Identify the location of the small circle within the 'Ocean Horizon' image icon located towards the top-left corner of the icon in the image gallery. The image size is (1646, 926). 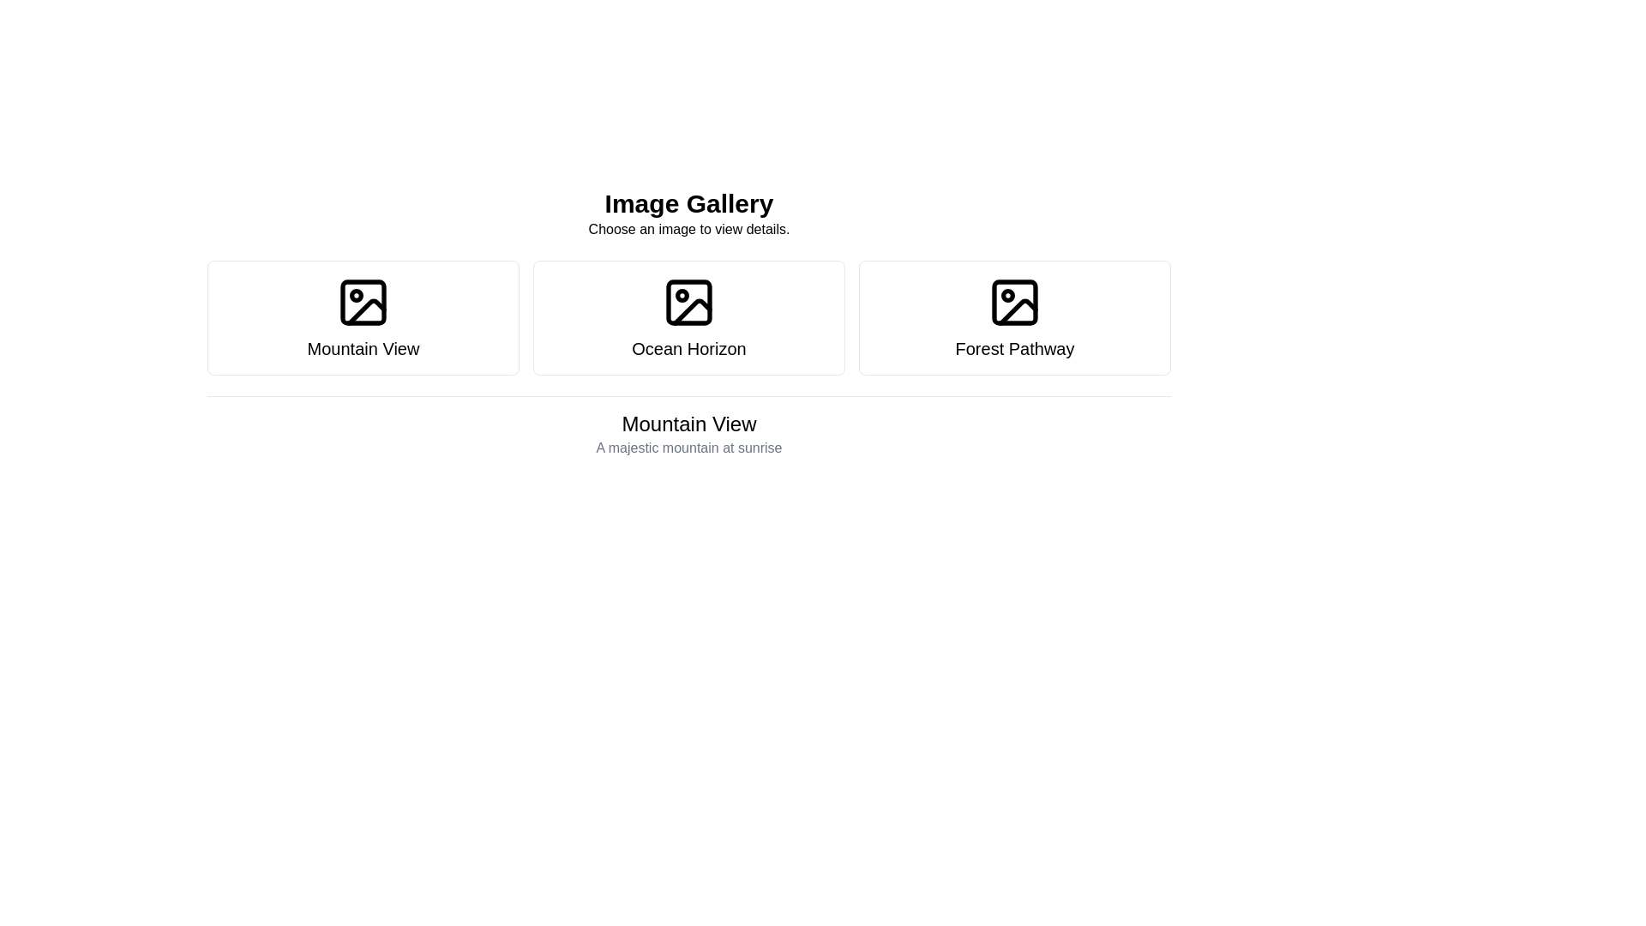
(682, 294).